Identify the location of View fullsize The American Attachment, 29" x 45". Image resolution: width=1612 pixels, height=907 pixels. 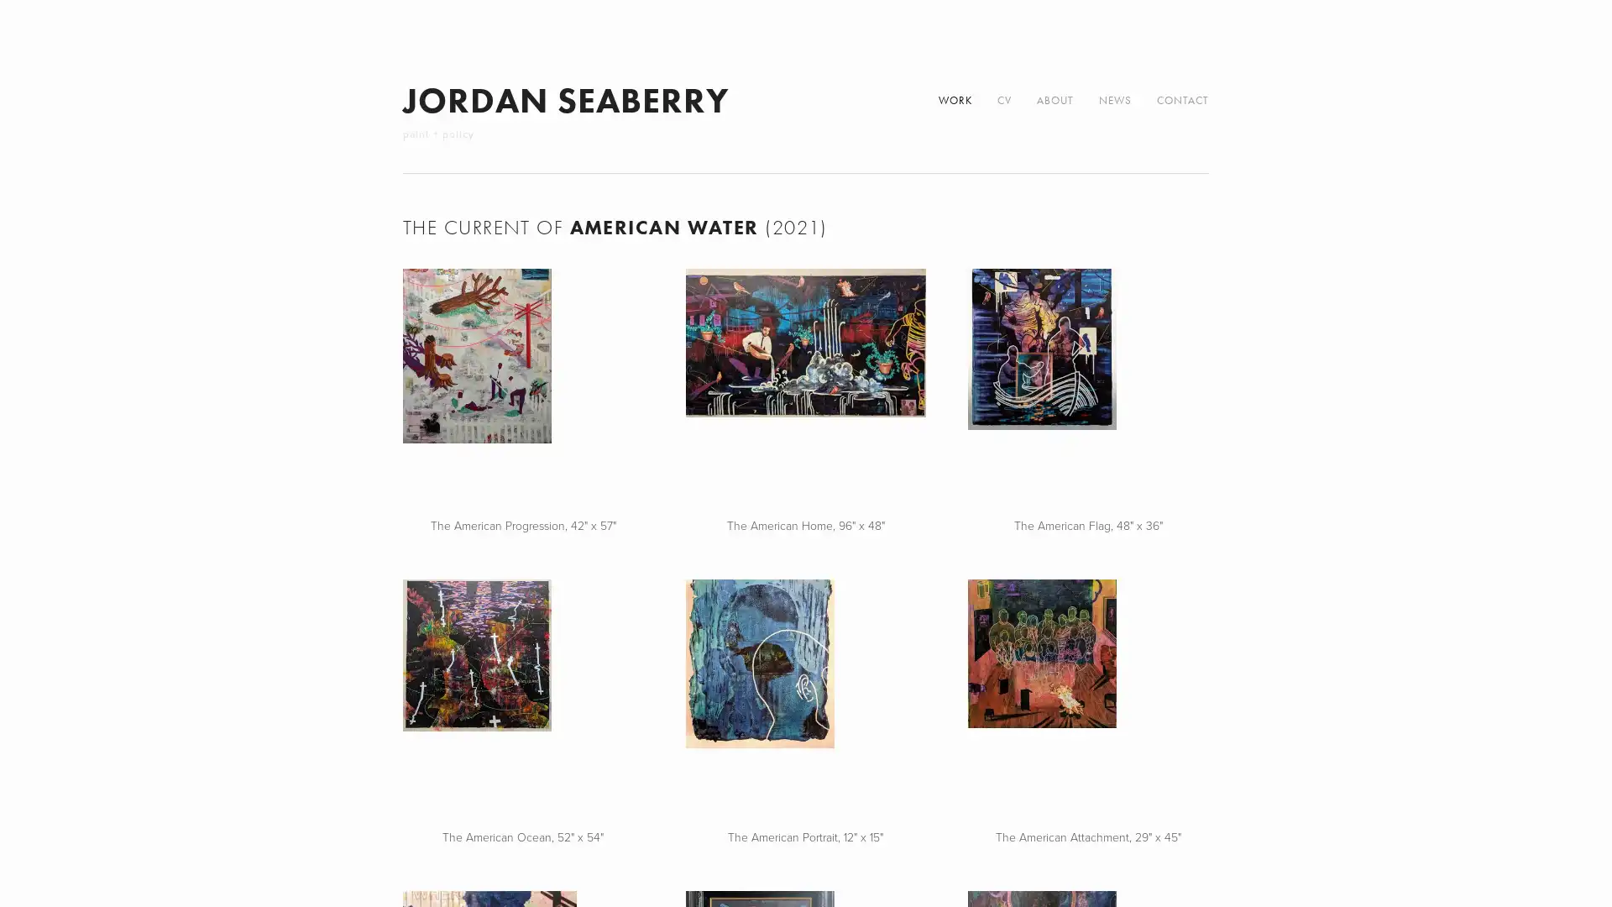
(1088, 700).